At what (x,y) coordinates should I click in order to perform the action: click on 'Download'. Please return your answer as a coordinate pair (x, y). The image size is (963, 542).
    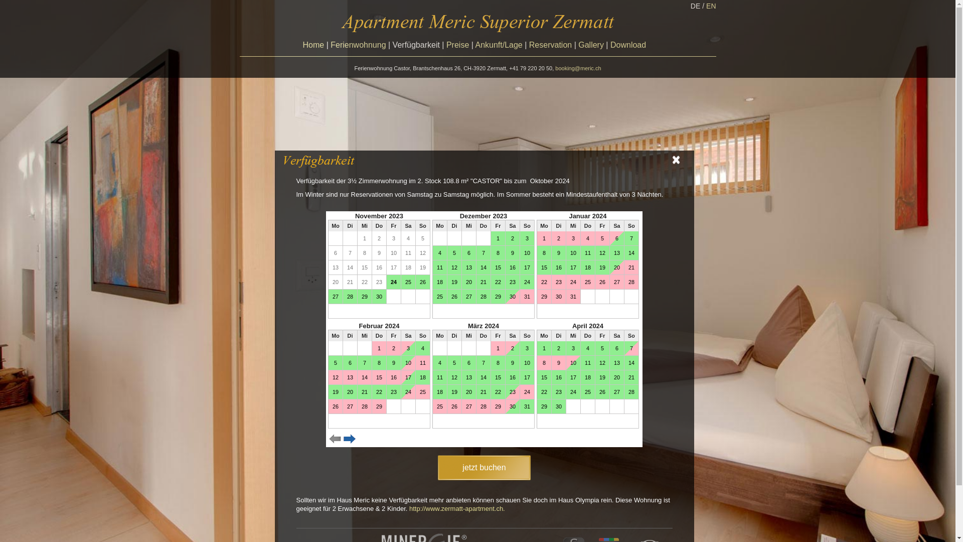
    Looking at the image, I should click on (610, 44).